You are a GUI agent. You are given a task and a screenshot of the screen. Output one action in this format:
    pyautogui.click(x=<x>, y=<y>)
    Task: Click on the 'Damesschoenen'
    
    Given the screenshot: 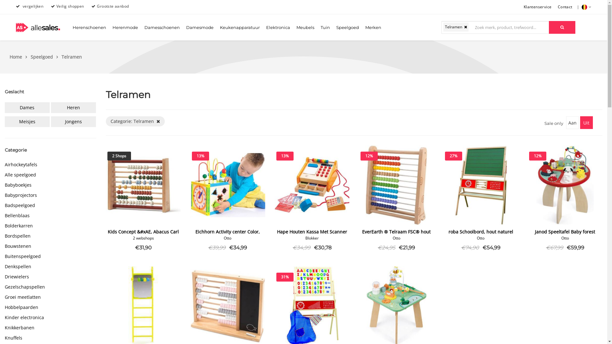 What is the action you would take?
    pyautogui.click(x=141, y=27)
    